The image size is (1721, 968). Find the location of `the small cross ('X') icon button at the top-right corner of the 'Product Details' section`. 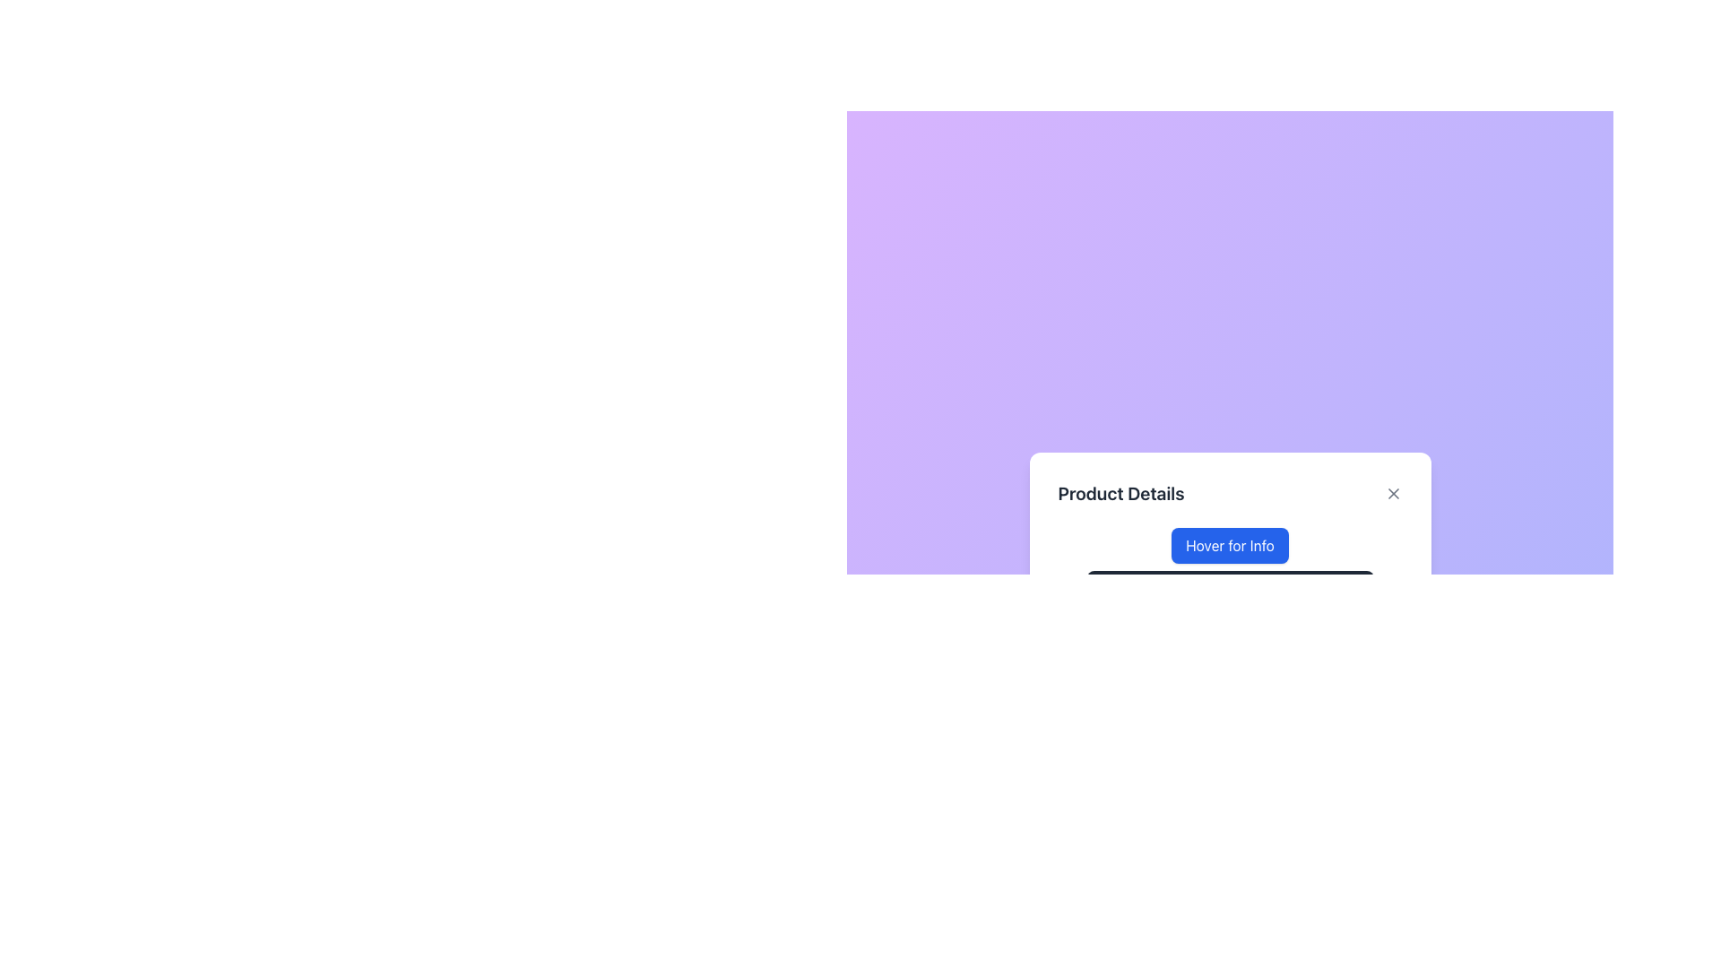

the small cross ('X') icon button at the top-right corner of the 'Product Details' section is located at coordinates (1392, 494).